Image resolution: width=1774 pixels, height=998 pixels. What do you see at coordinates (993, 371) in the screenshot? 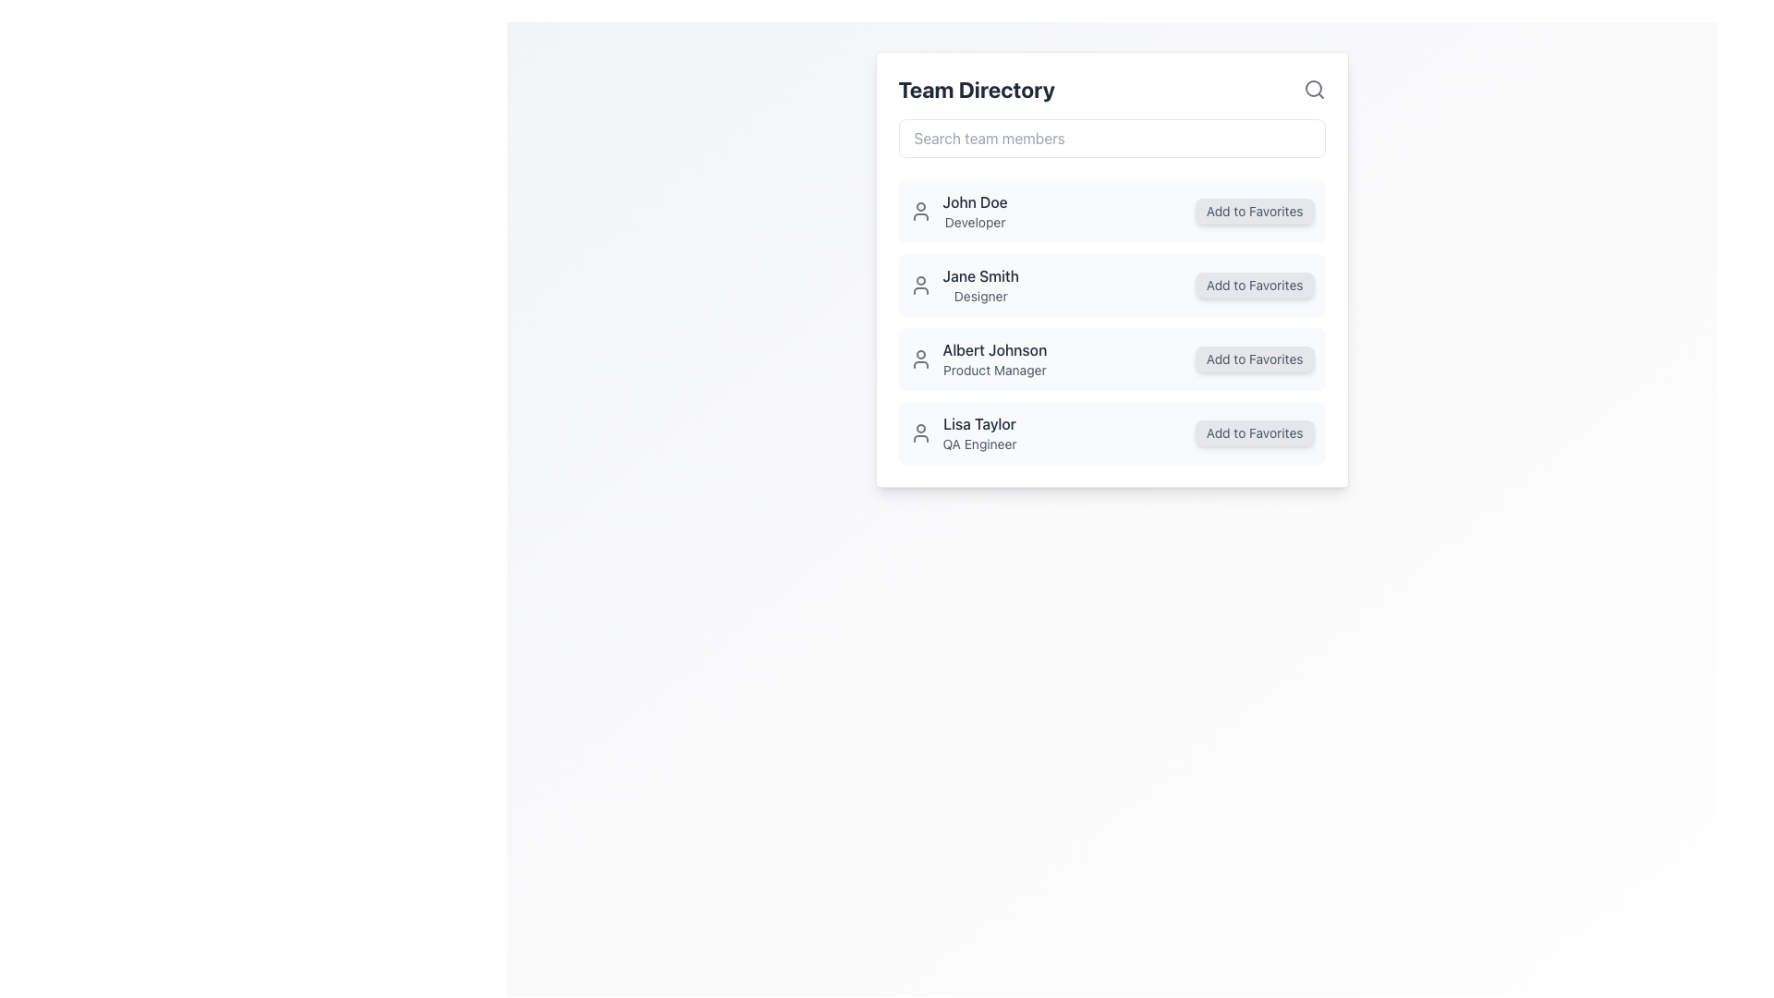
I see `the text label reading 'Product Manager', which is styled in a smaller font and gray color, positioned below the name 'Albert Johnson' in the 'Team Directory' list` at bounding box center [993, 371].